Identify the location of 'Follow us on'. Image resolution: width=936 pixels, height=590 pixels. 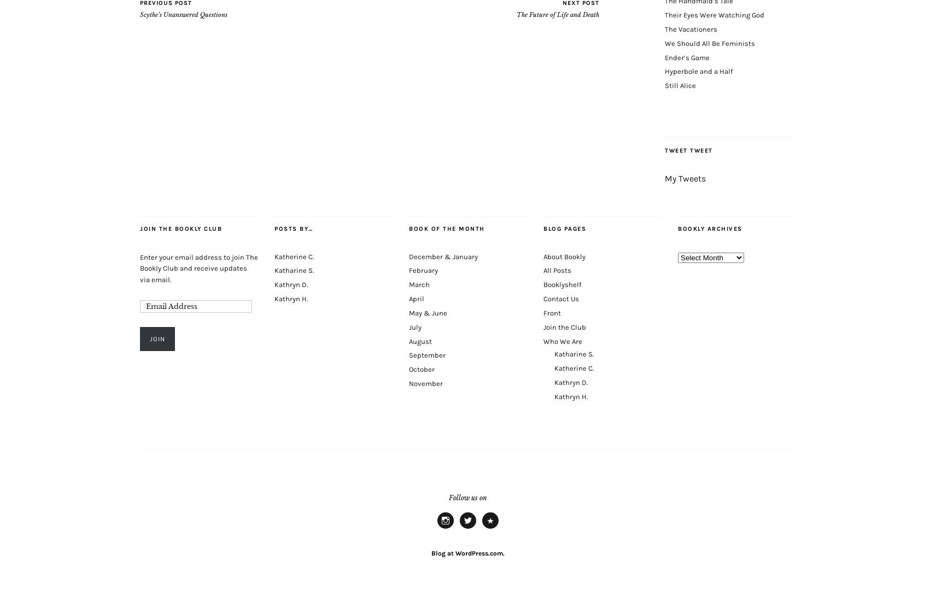
(468, 496).